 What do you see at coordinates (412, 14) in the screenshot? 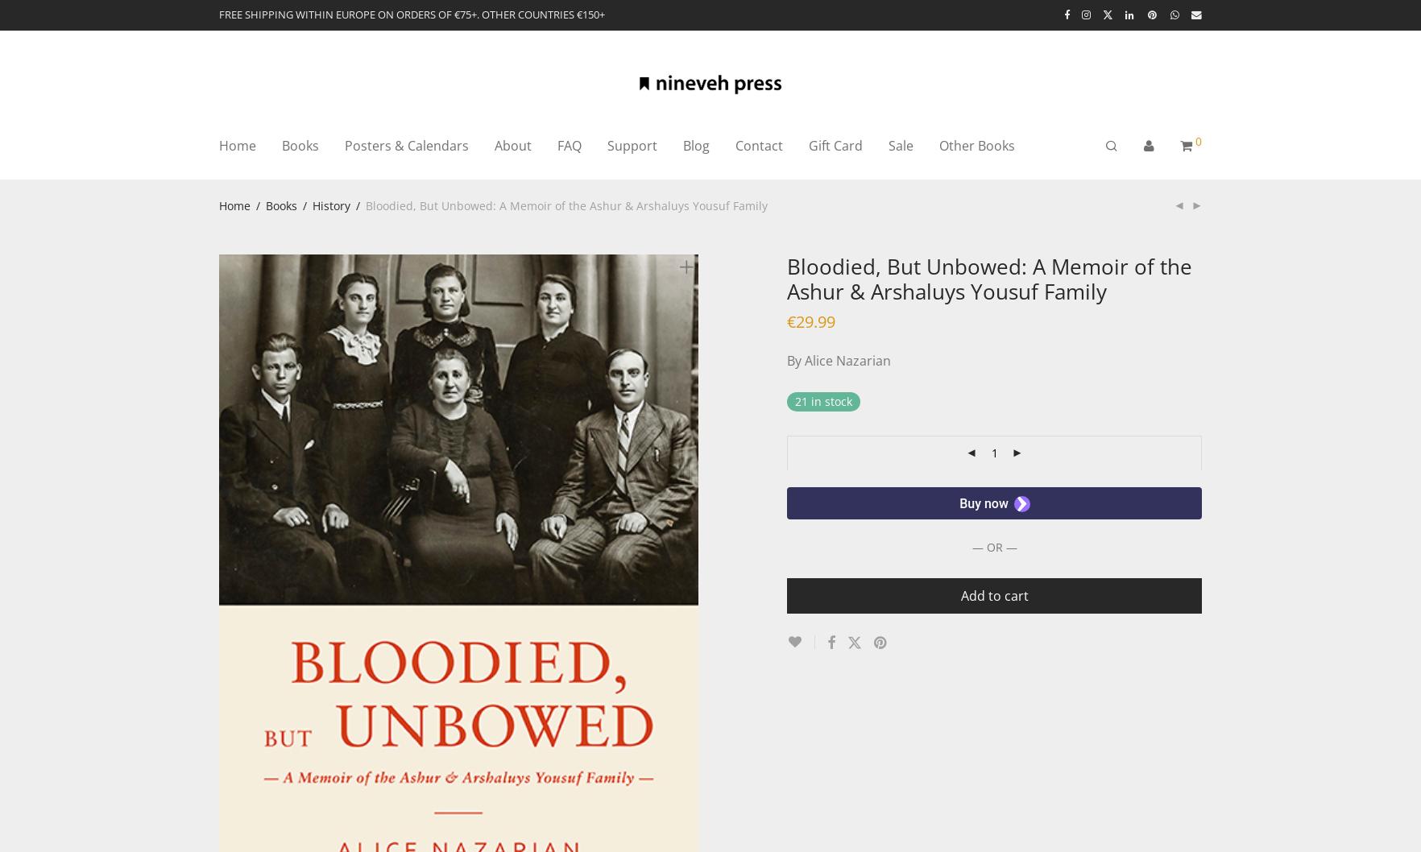
I see `'FREE SHIPPING WITHIN EUROPE ON ORDERS OF €75+. OTHER COUNTRIES €150+'` at bounding box center [412, 14].